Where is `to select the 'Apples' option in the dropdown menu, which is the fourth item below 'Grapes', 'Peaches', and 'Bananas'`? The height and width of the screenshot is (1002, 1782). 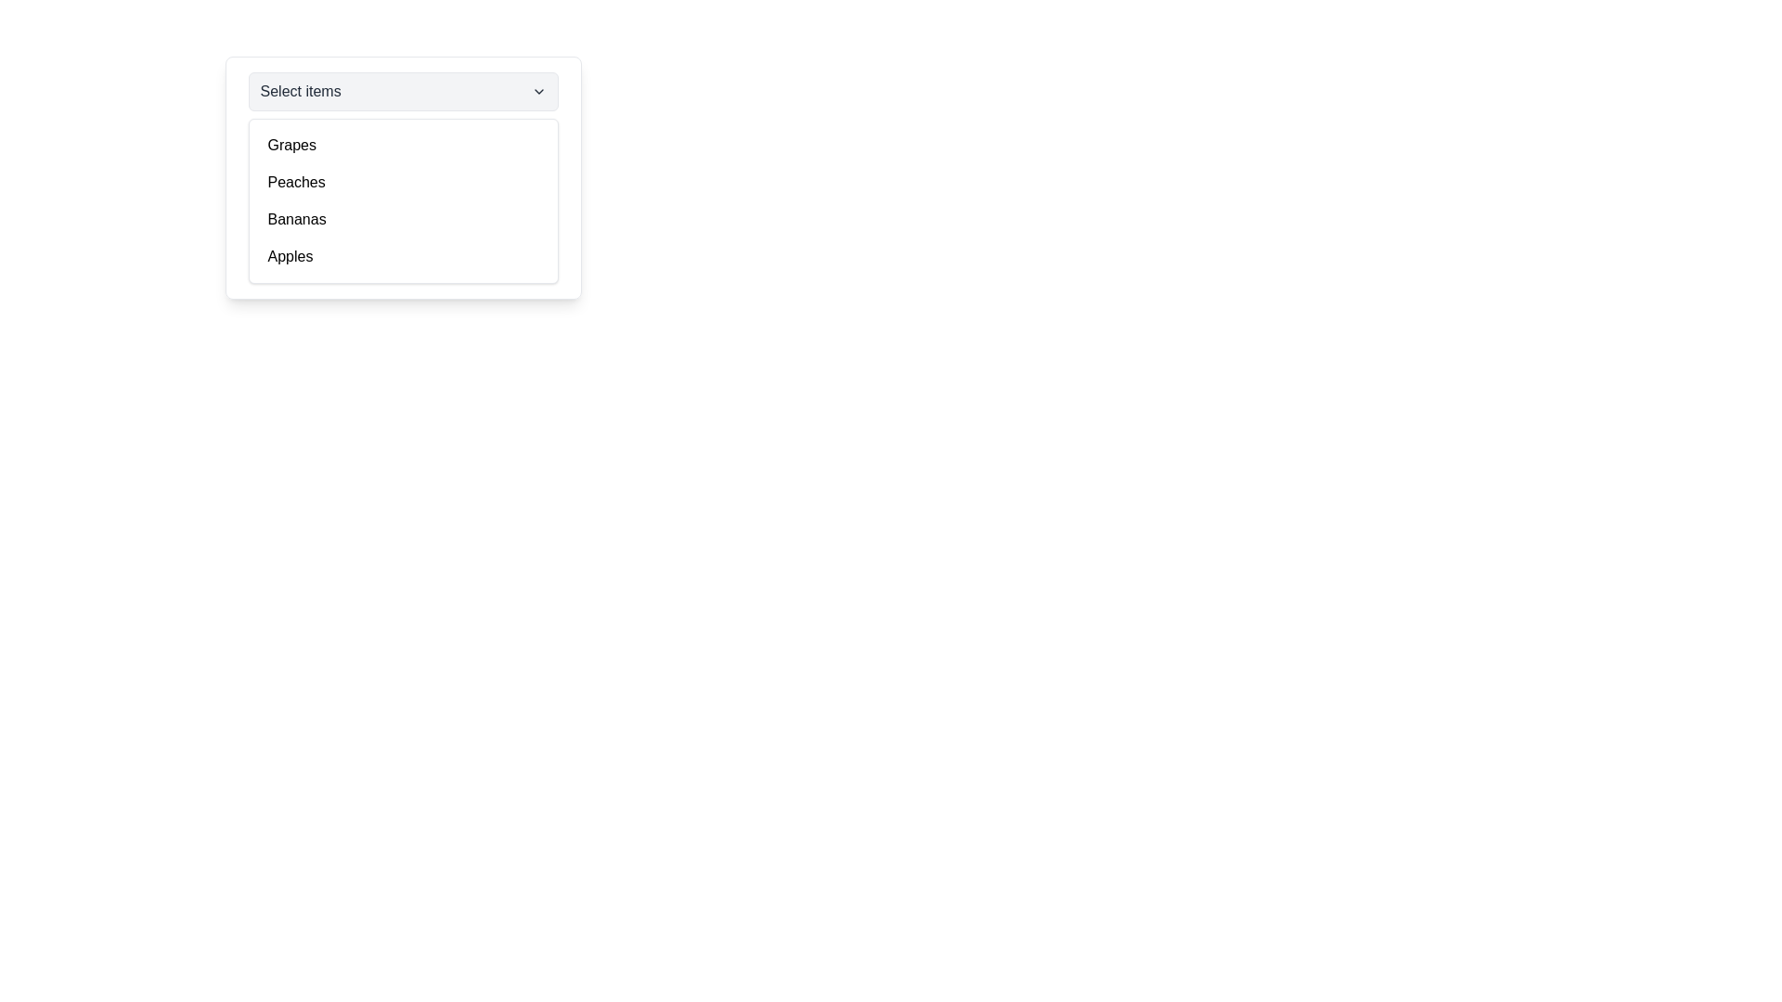 to select the 'Apples' option in the dropdown menu, which is the fourth item below 'Grapes', 'Peaches', and 'Bananas' is located at coordinates (402, 257).